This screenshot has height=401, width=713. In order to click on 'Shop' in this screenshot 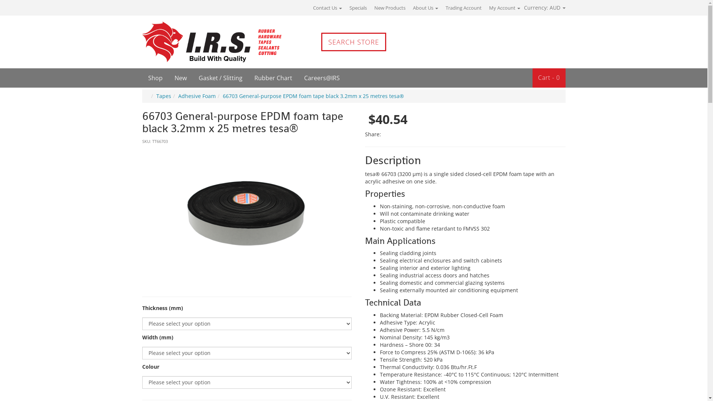, I will do `click(154, 78)`.